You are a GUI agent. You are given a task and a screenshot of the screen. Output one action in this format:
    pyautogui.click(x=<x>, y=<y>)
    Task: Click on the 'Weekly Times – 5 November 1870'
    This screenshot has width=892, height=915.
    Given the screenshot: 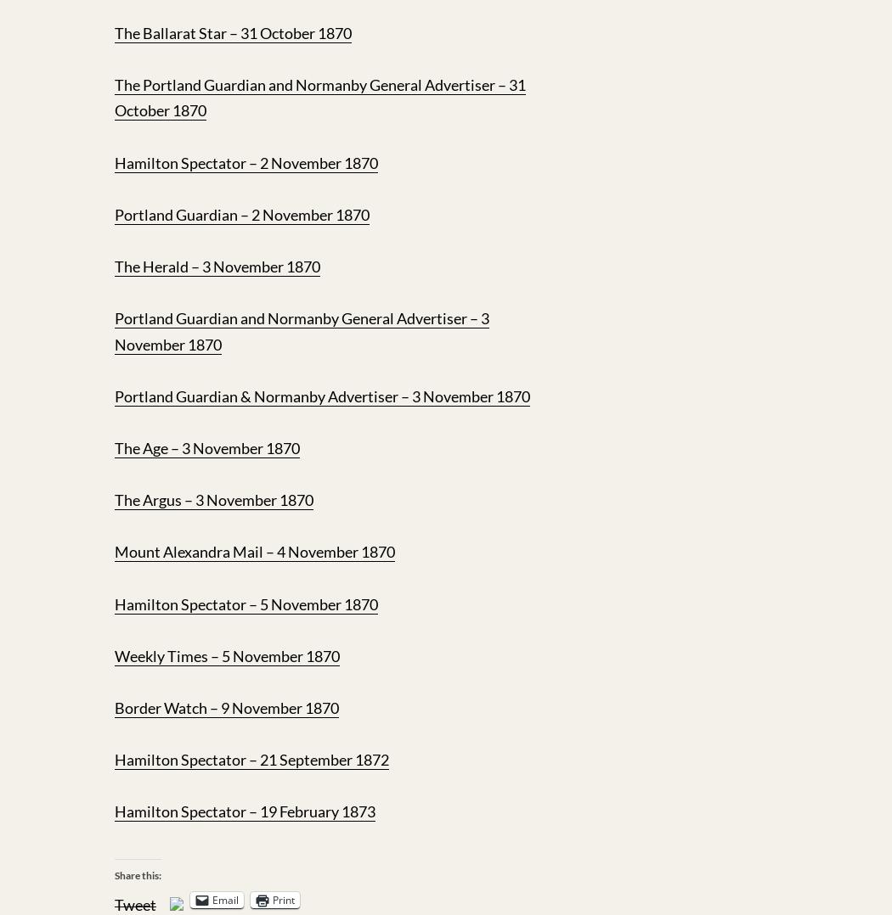 What is the action you would take?
    pyautogui.click(x=226, y=654)
    